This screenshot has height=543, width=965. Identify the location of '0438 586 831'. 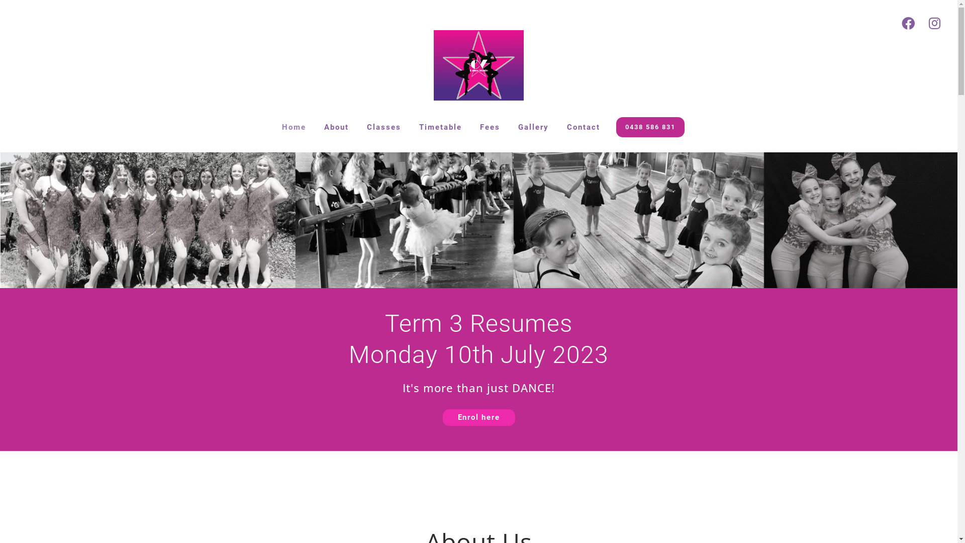
(650, 127).